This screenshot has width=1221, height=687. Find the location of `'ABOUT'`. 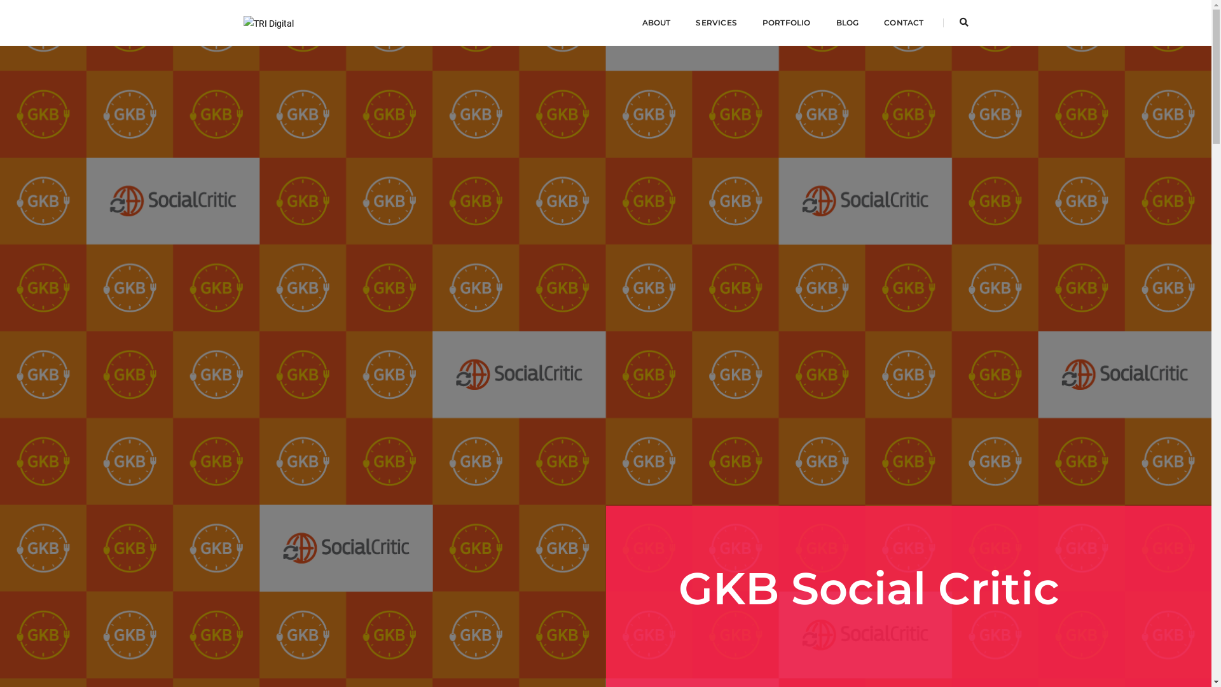

'ABOUT' is located at coordinates (656, 22).